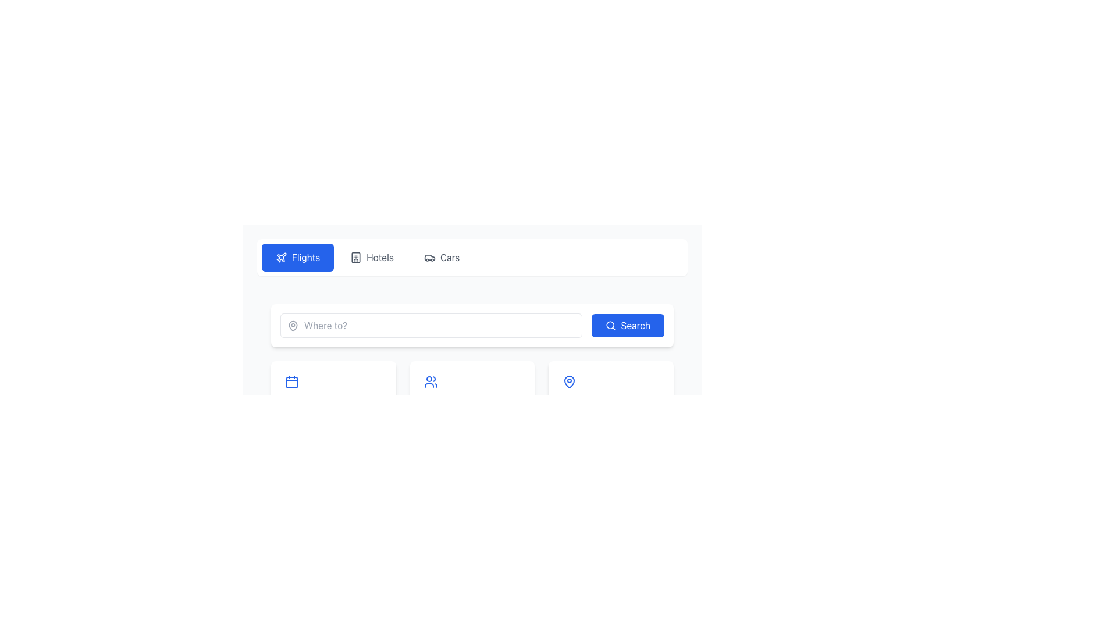 This screenshot has height=628, width=1117. I want to click on the 'Hotels' icon in the navigation bar, which serves as a visual cue for hotel-related services, so click(355, 257).